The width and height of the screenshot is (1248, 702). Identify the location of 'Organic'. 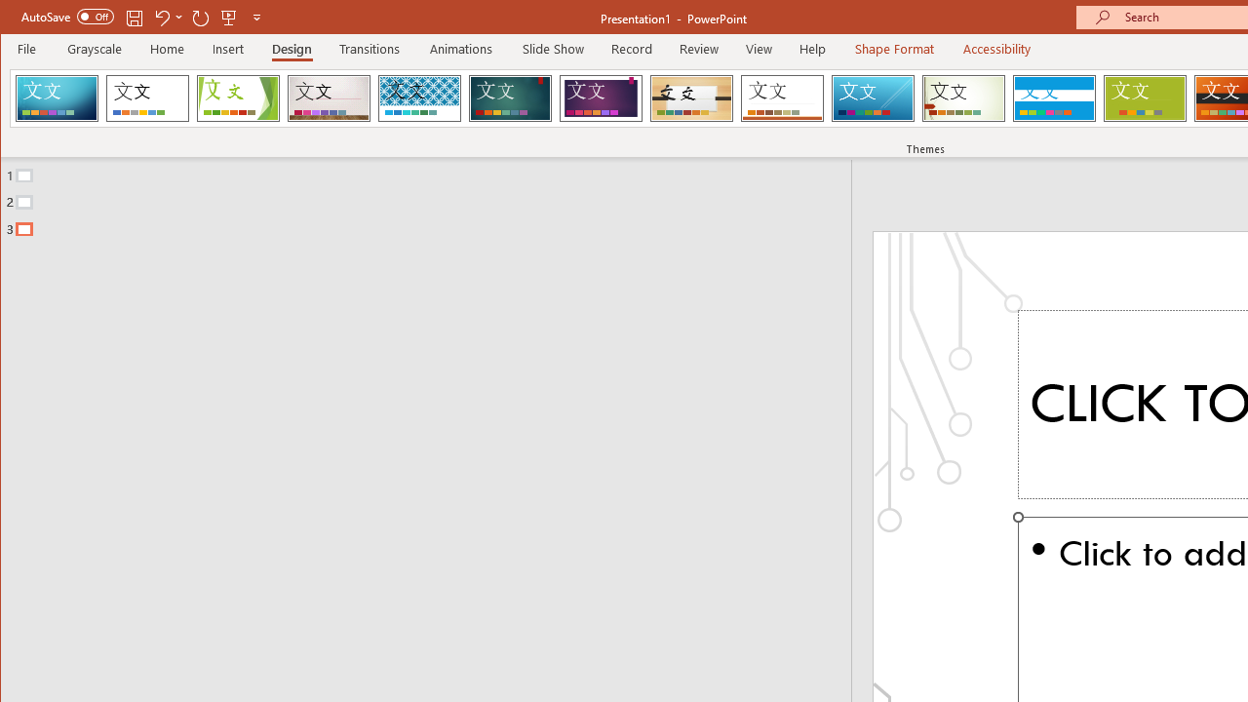
(691, 97).